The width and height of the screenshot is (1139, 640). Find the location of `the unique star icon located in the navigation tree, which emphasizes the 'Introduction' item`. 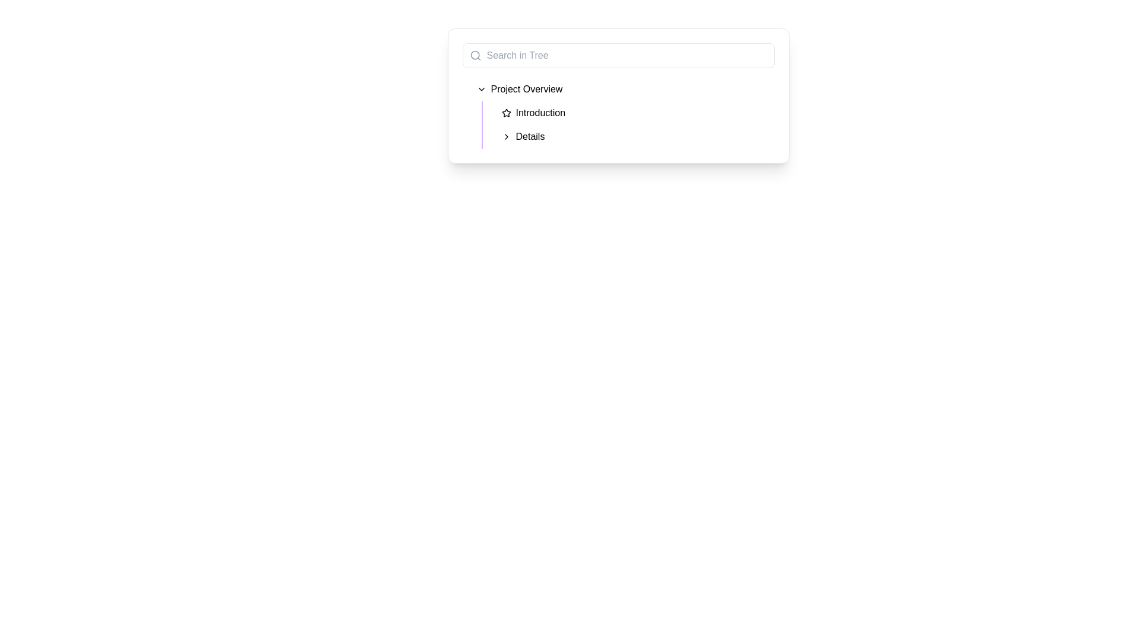

the unique star icon located in the navigation tree, which emphasizes the 'Introduction' item is located at coordinates (506, 113).